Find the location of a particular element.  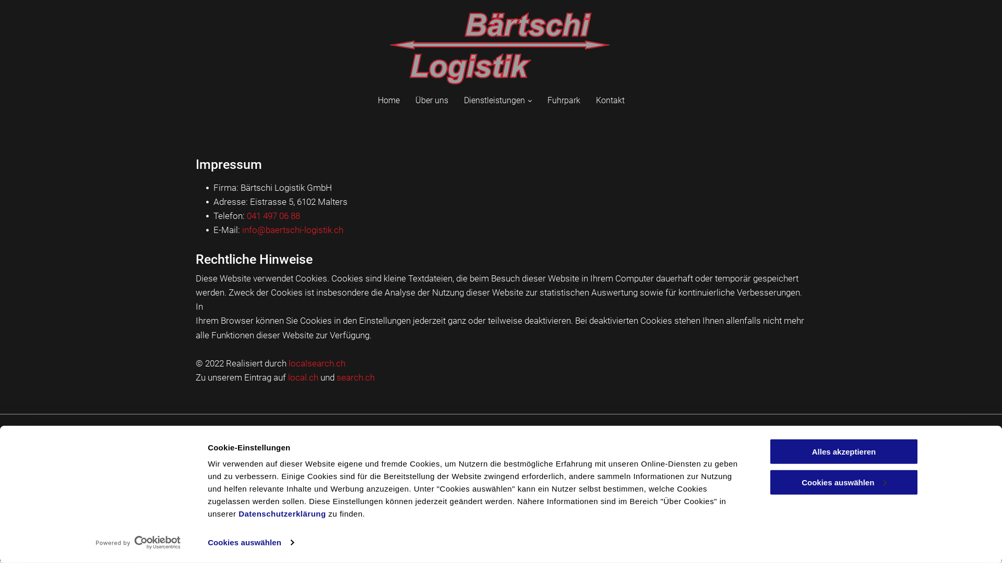

'Kontakt' is located at coordinates (610, 100).